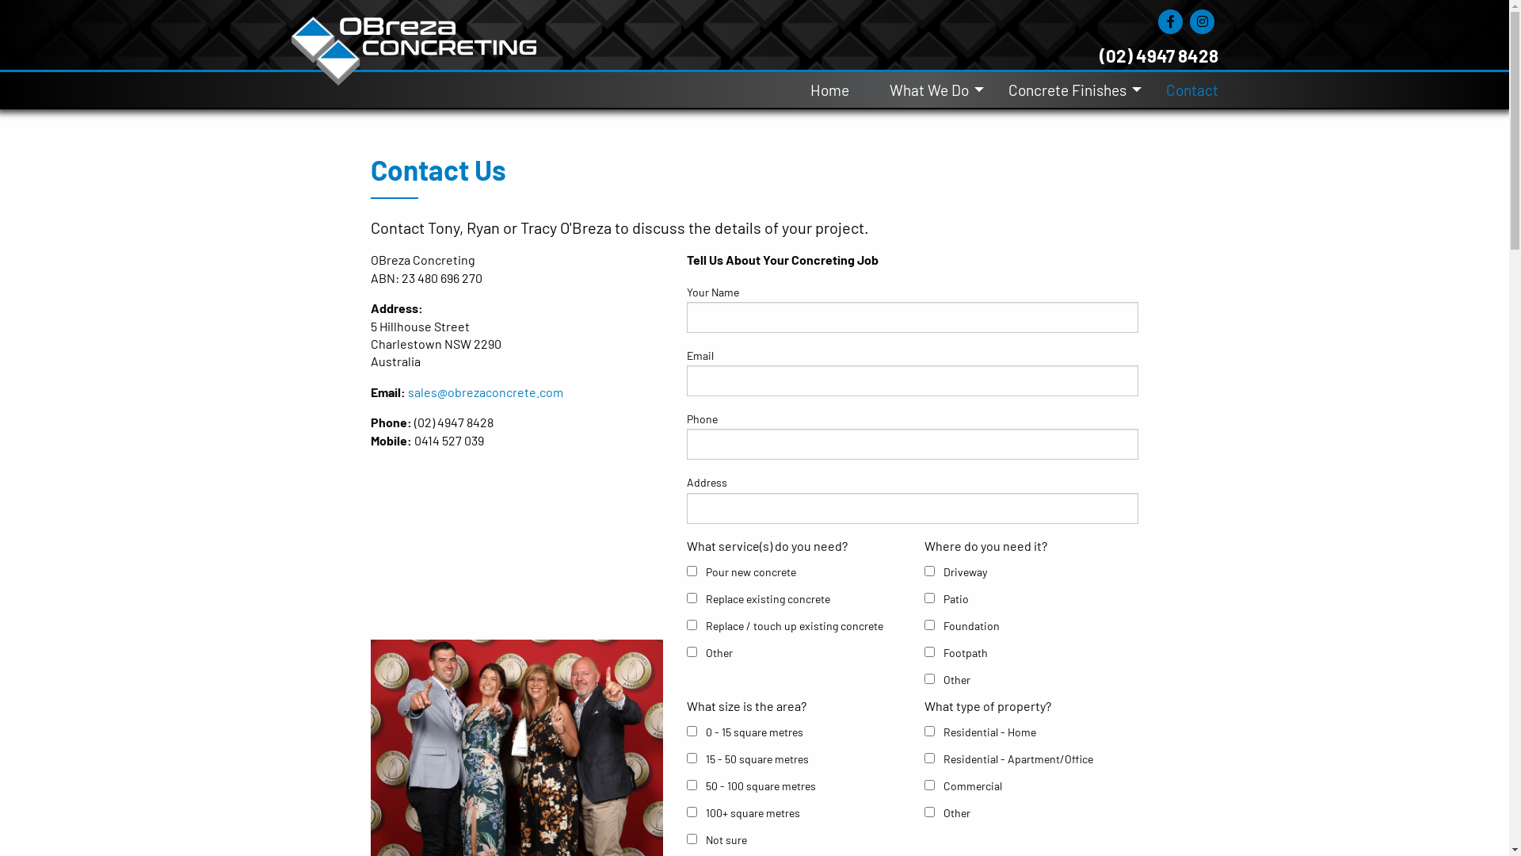  I want to click on 'YouTube video player', so click(517, 543).